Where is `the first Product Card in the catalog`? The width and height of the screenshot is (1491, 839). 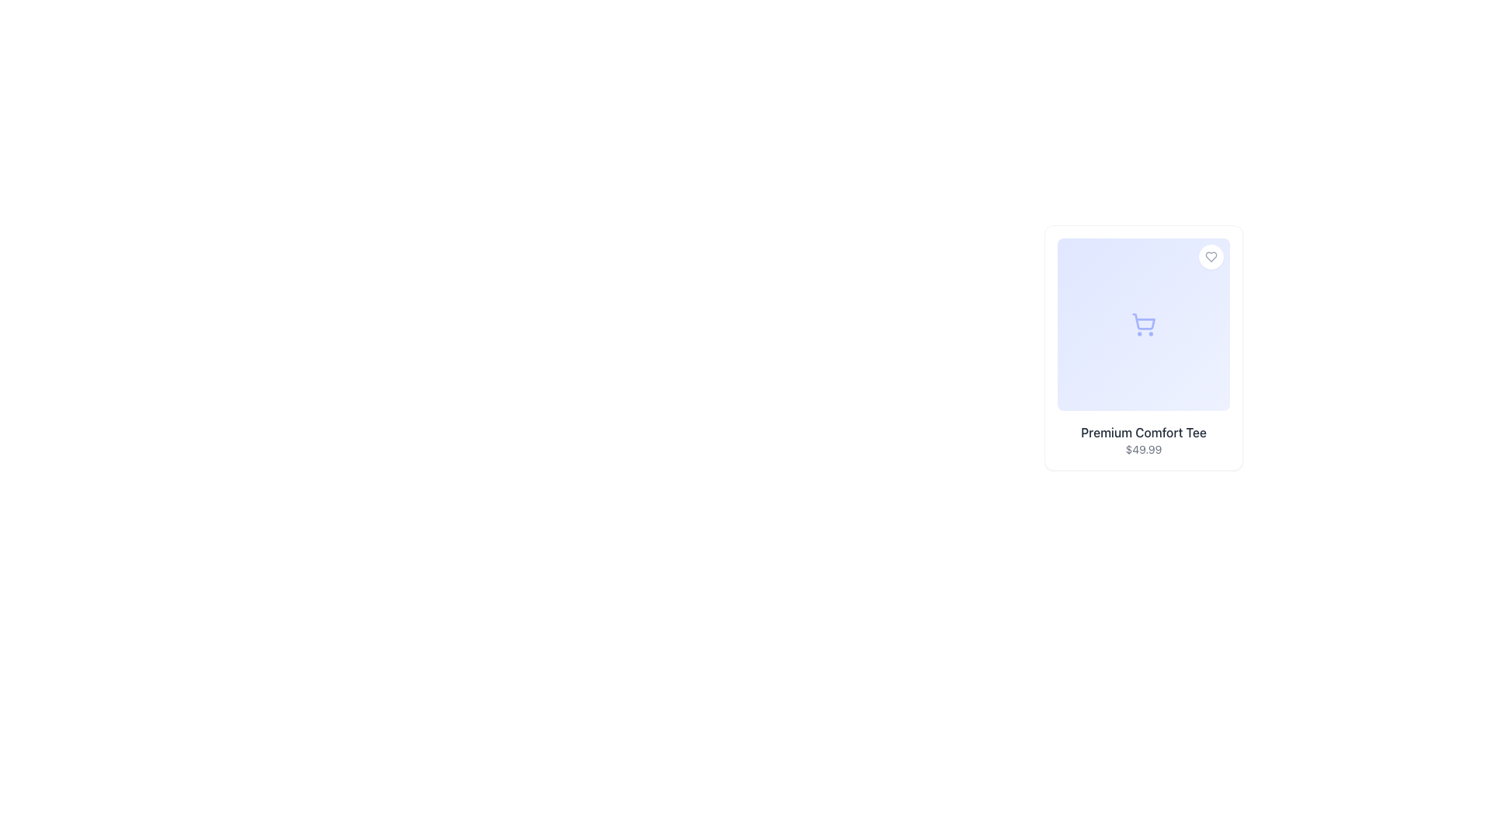 the first Product Card in the catalog is located at coordinates (1144, 346).